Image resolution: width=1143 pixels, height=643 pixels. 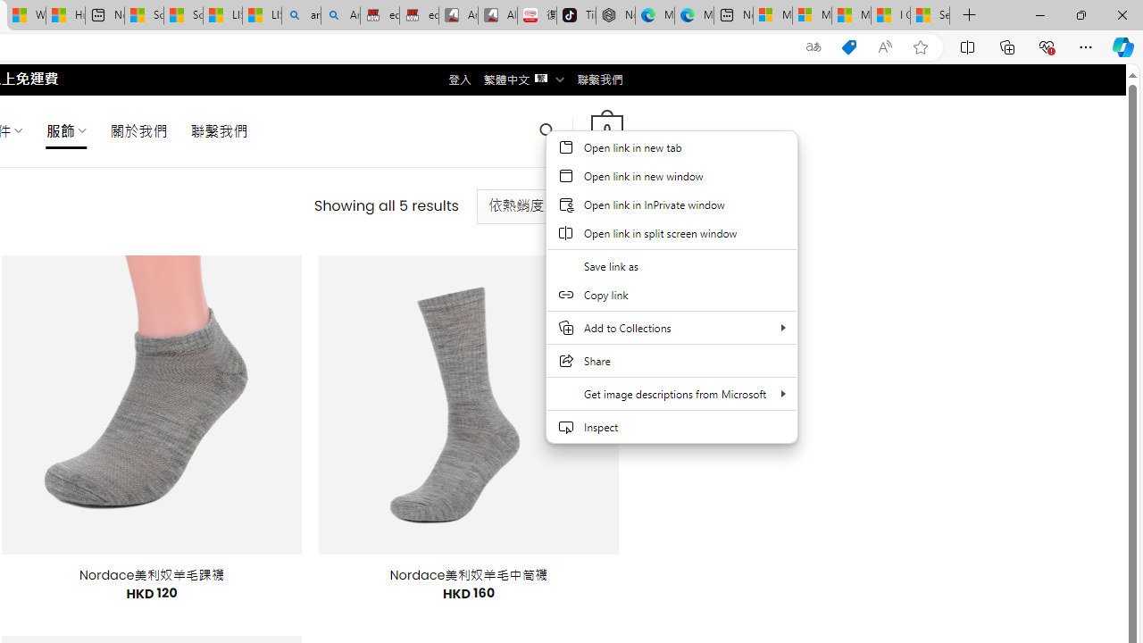 I want to click on 'Copy link', so click(x=671, y=294).